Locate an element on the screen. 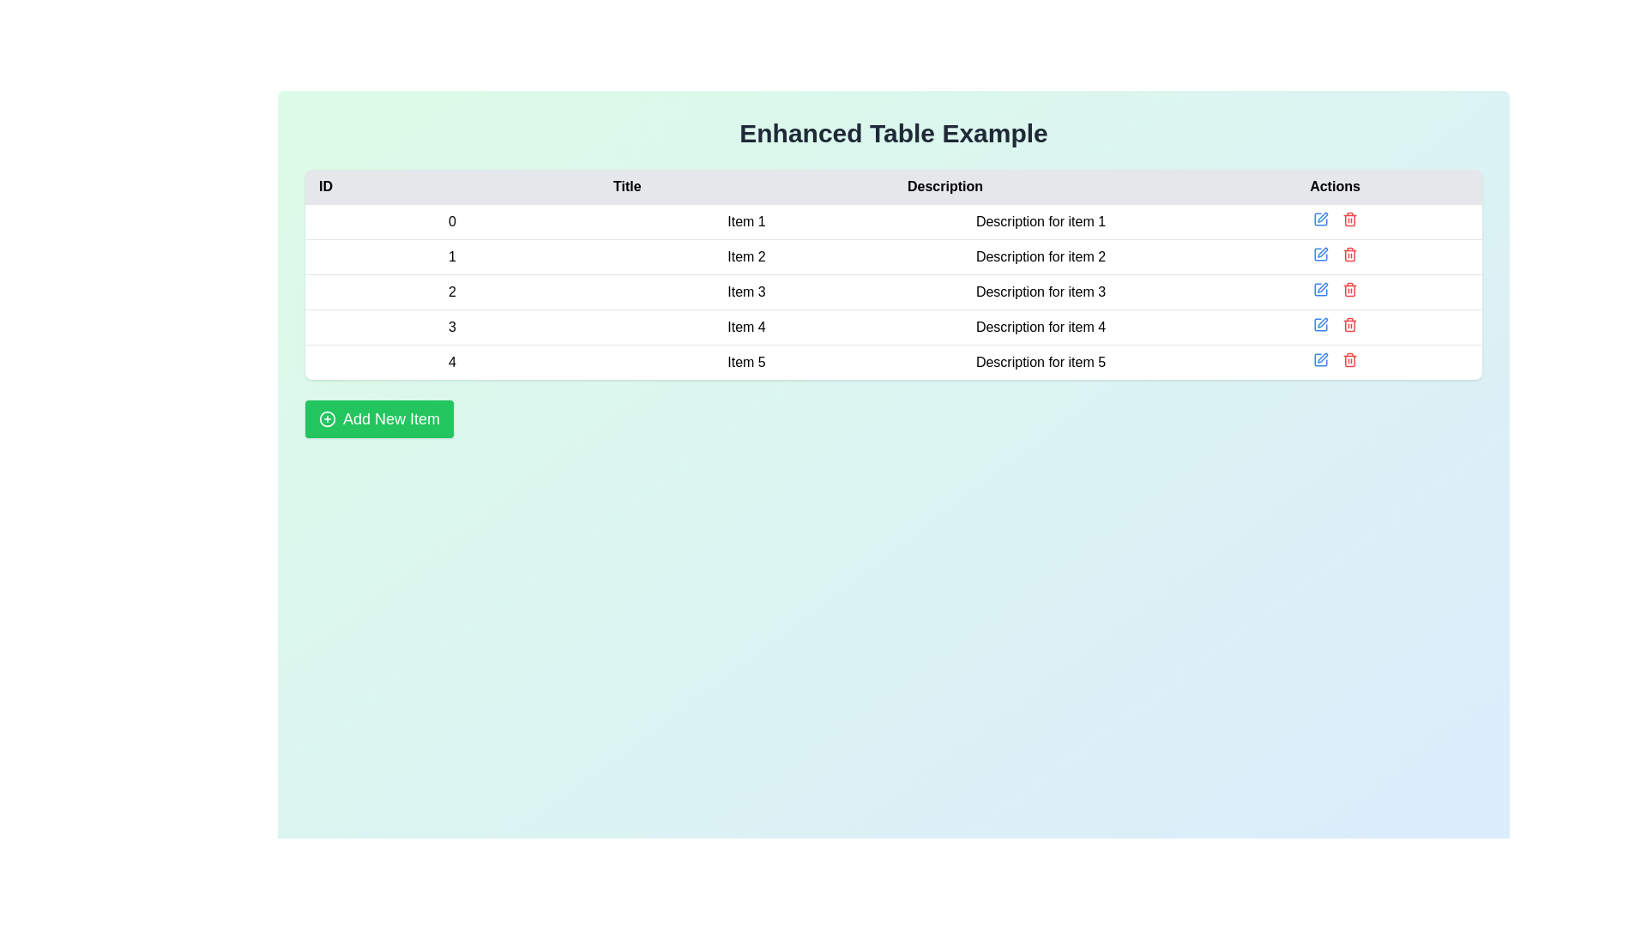 This screenshot has width=1647, height=926. the red trash bin icon button in the 'Actions' column of the table is located at coordinates (1348, 255).